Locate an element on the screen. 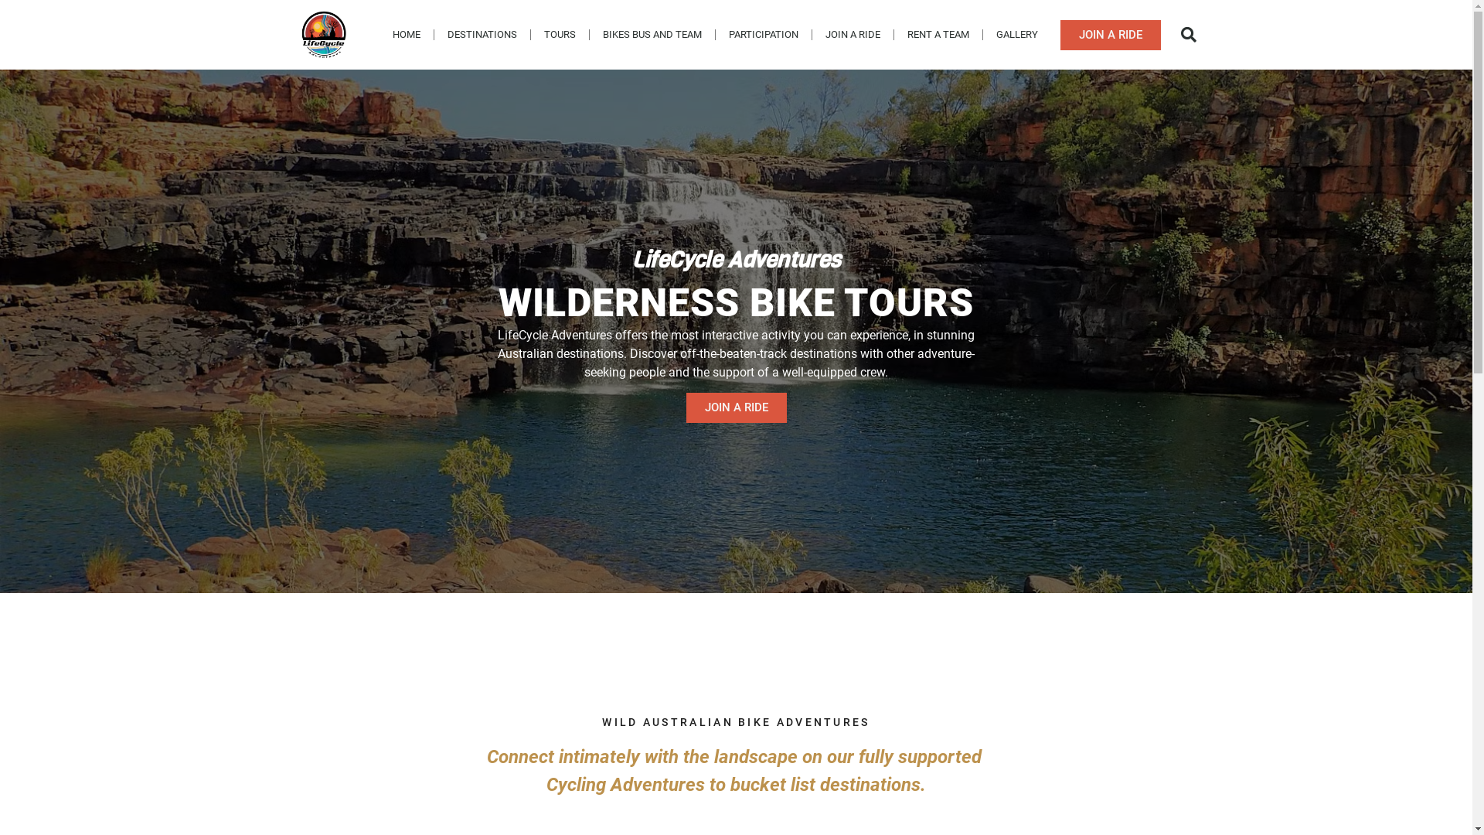 The image size is (1484, 835). 'HOME' is located at coordinates (407, 35).